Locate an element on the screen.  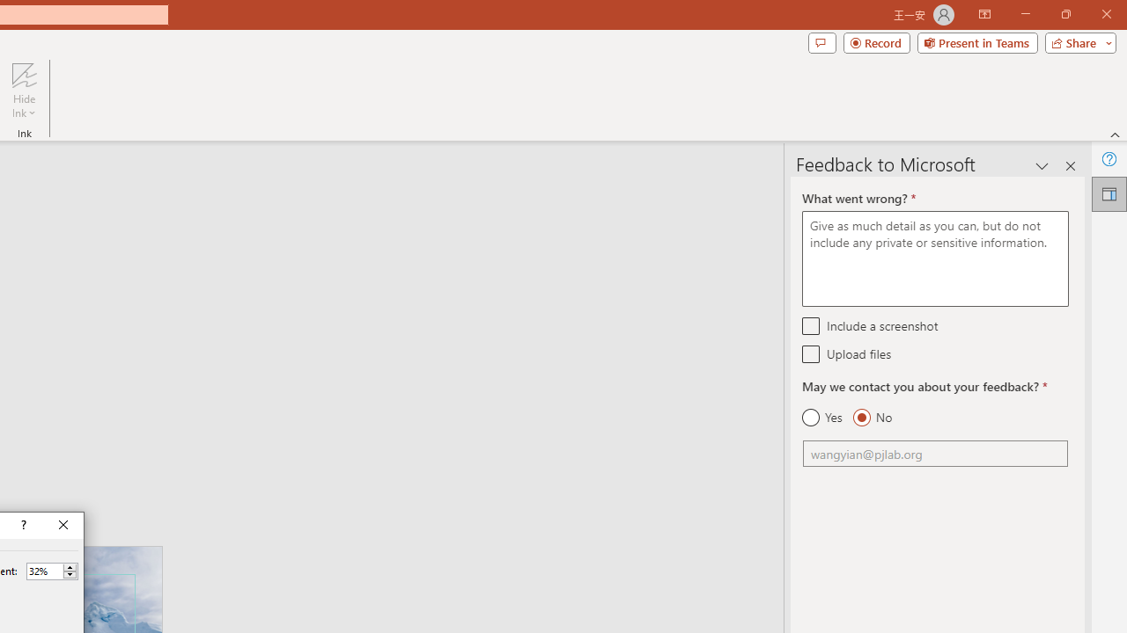
'Hide Ink' is located at coordinates (24, 91).